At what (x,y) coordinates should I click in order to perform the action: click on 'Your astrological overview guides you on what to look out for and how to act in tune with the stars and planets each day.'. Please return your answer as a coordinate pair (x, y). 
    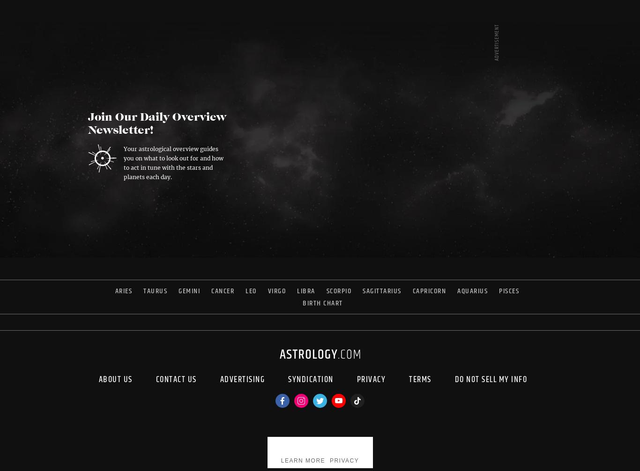
    Looking at the image, I should click on (124, 162).